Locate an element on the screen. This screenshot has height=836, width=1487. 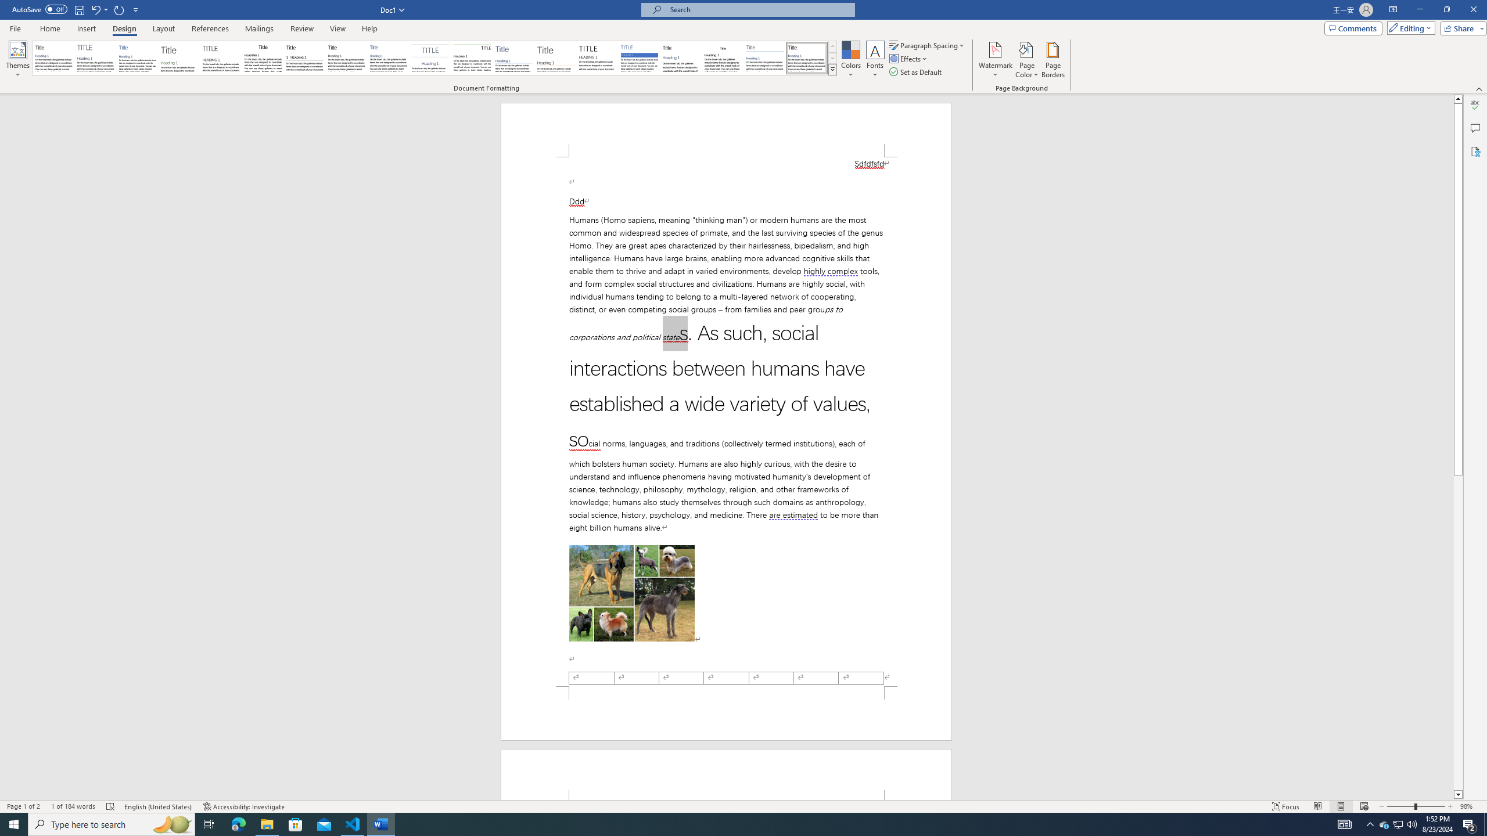
'Insert' is located at coordinates (85, 28).